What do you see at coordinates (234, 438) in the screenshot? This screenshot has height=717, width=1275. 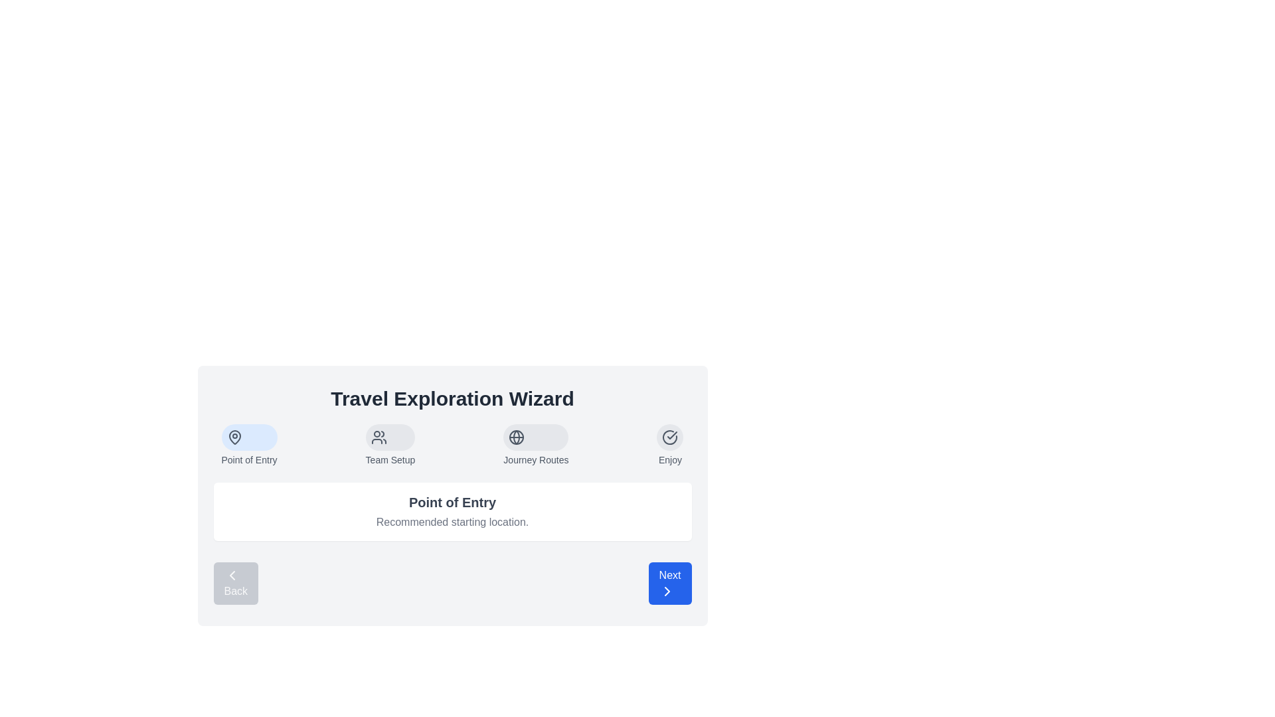 I see `the map marker icon representing the 'Point of Entry' step in the Travel Exploration Wizard` at bounding box center [234, 438].